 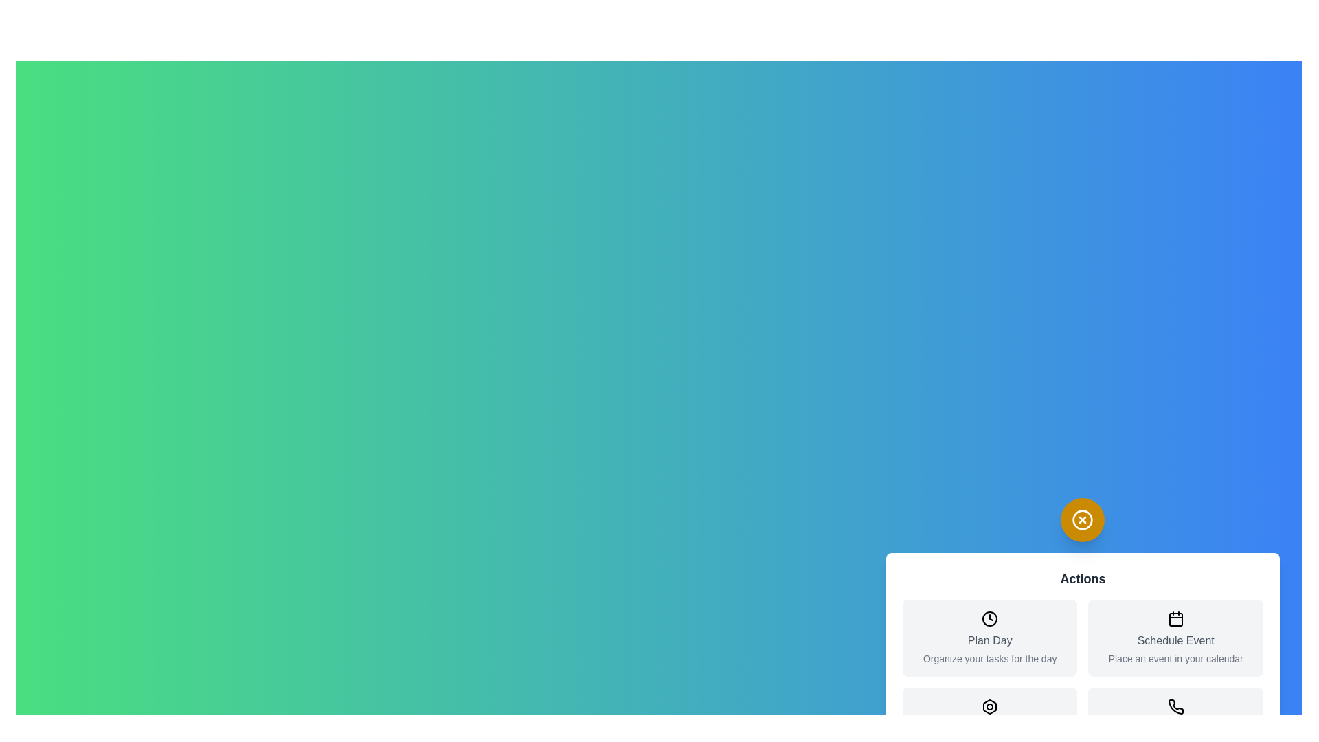 I want to click on the action item Schedule Event from the menu, so click(x=1175, y=638).